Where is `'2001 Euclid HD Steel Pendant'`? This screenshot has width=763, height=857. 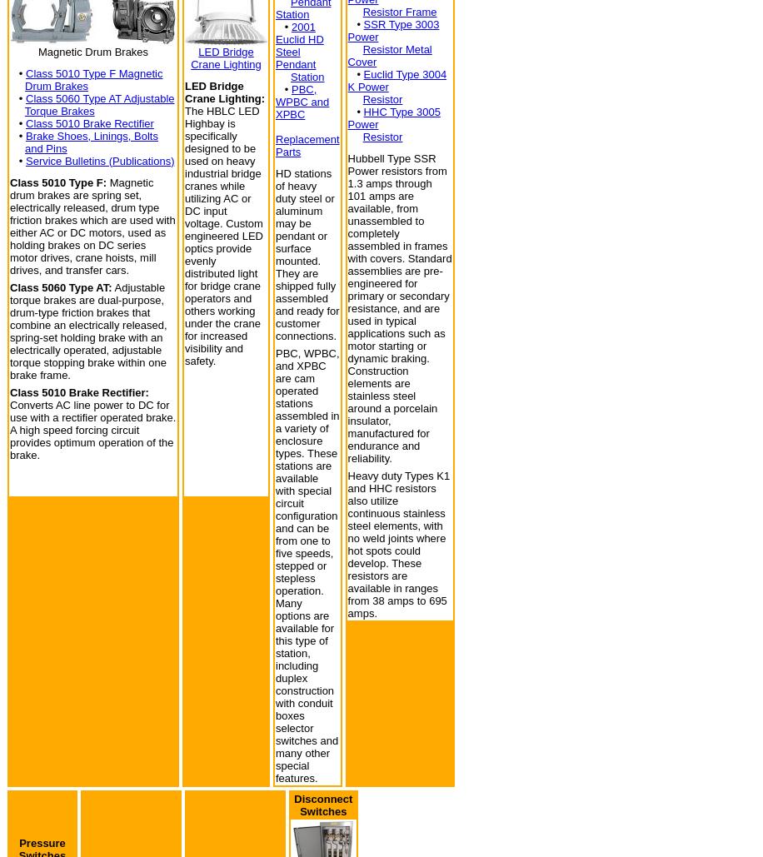
'2001 Euclid HD Steel Pendant' is located at coordinates (299, 45).